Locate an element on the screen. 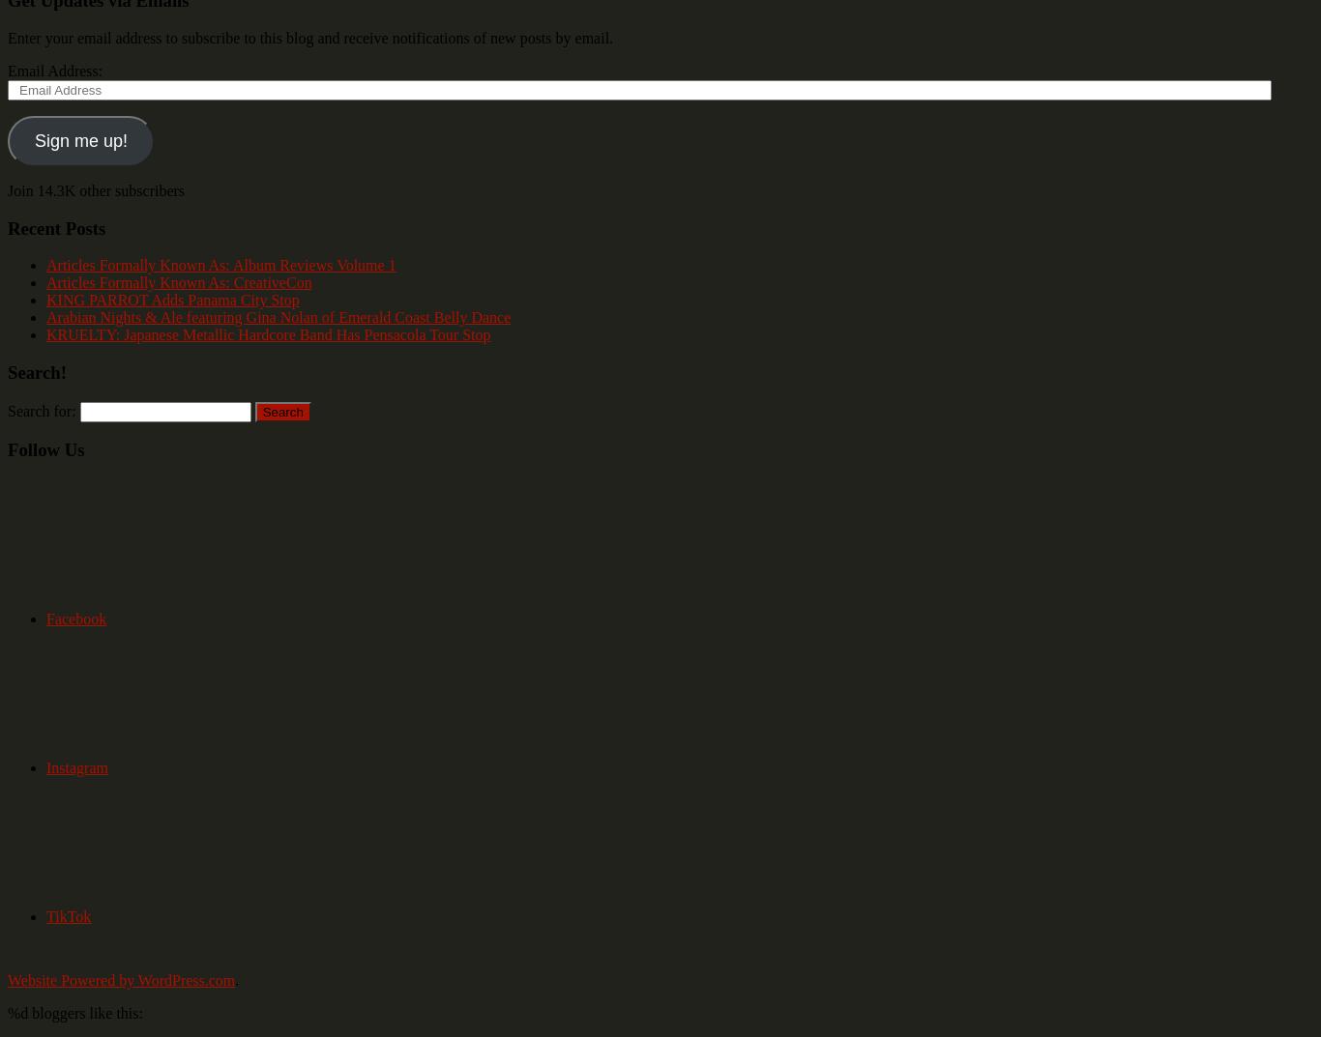  'Articles Formally Known As: Album Reviews Volume 1' is located at coordinates (220, 264).